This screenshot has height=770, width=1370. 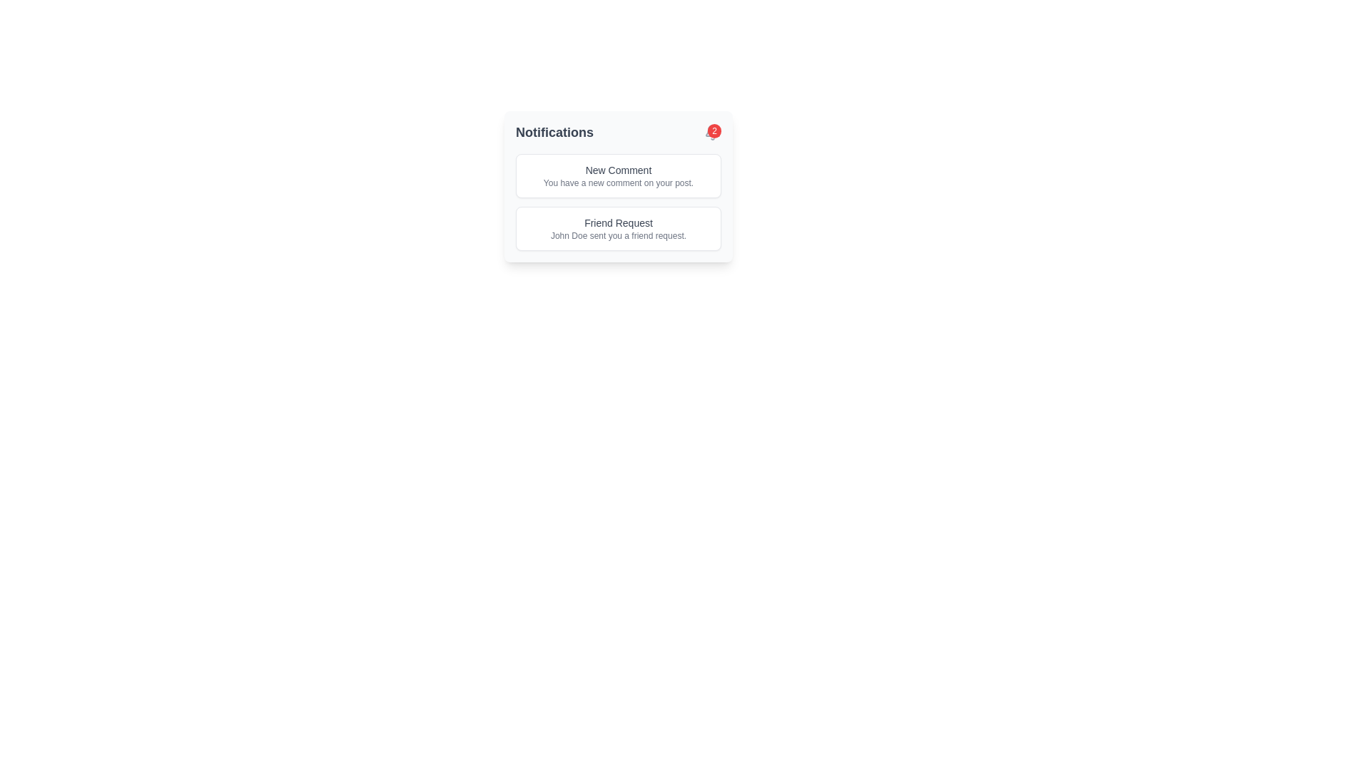 I want to click on the static text that reads 'John Doe sent you a friend request.' located below the 'Friend Request' heading in the Notifications section, so click(x=619, y=235).